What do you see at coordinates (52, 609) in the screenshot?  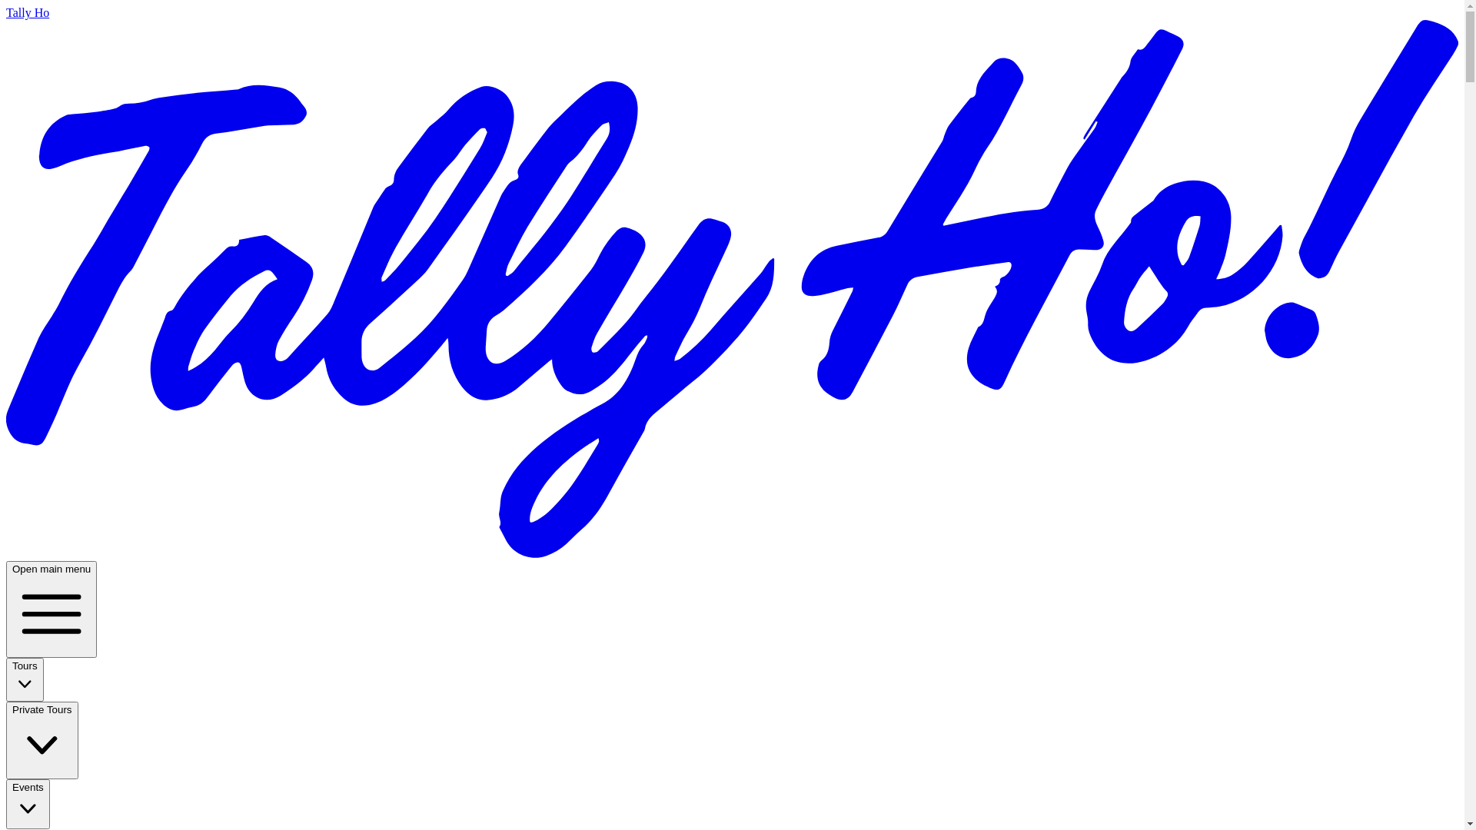 I see `'Open main menu'` at bounding box center [52, 609].